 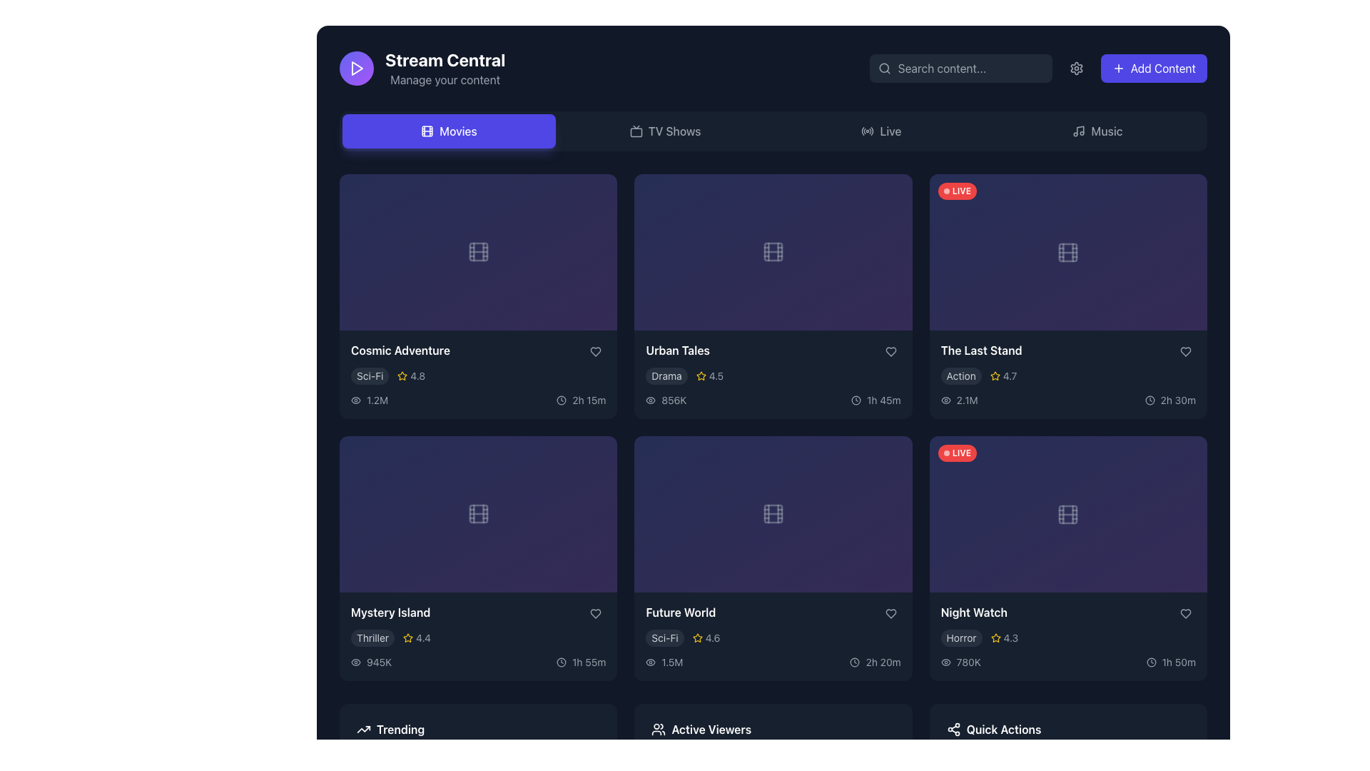 What do you see at coordinates (1154, 69) in the screenshot?
I see `the rectangular button with rounded corners labeled 'Add Content' to observe its hover effects` at bounding box center [1154, 69].